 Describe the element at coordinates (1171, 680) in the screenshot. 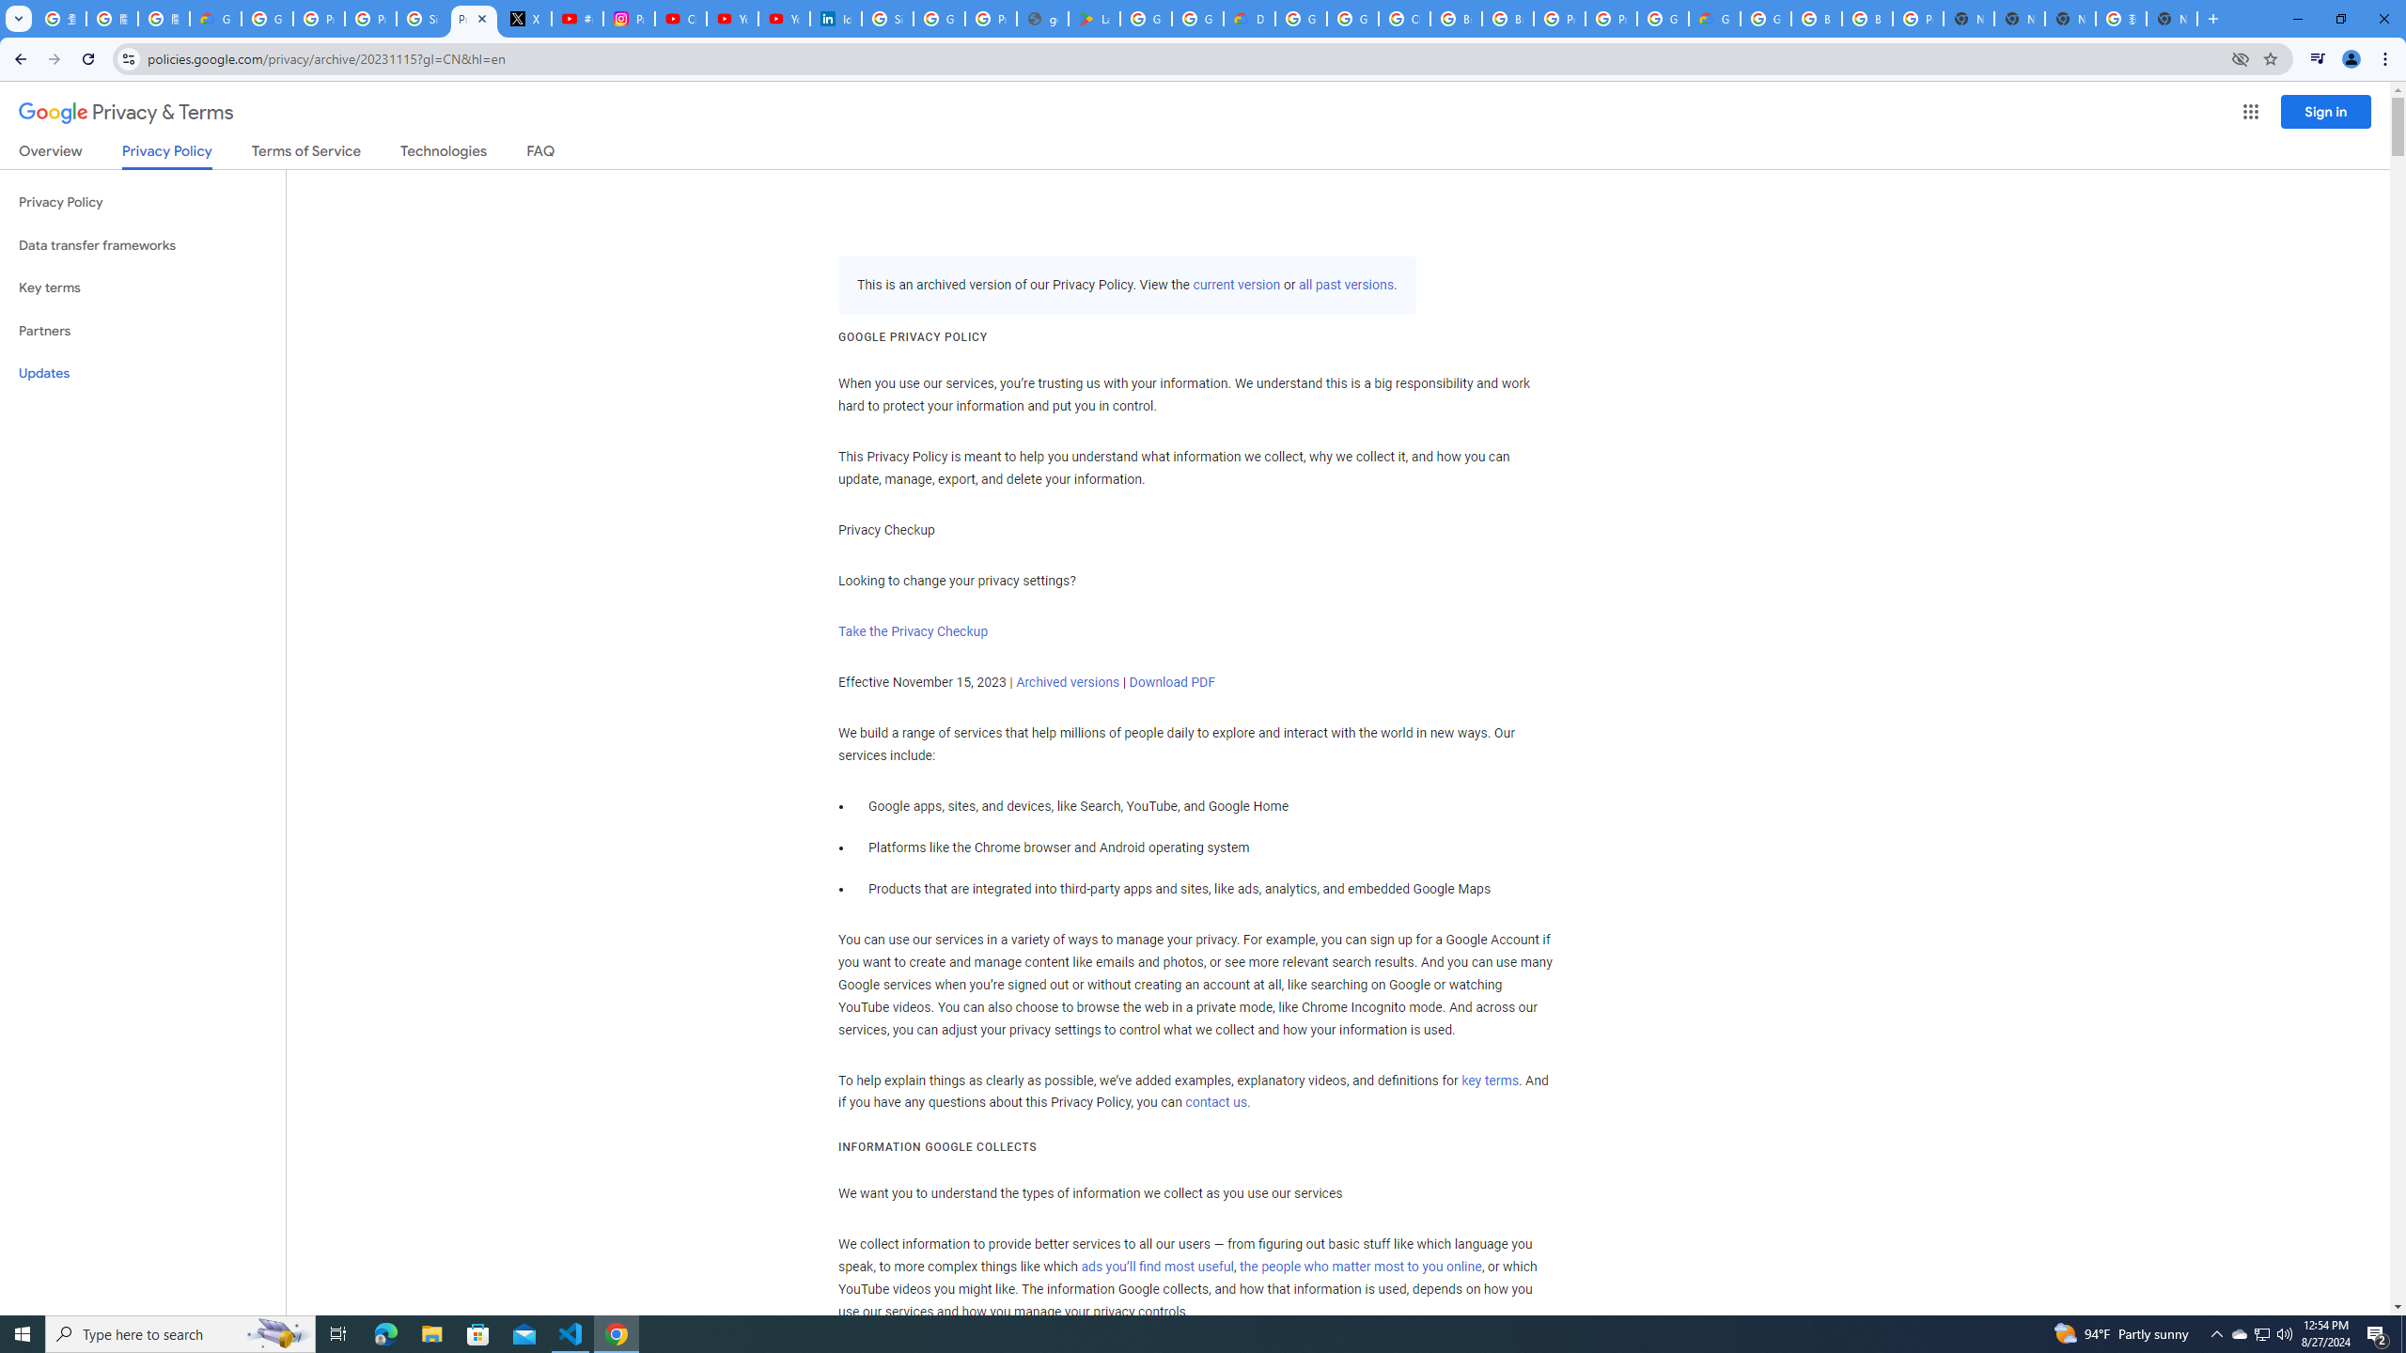

I see `'Download PDF'` at that location.